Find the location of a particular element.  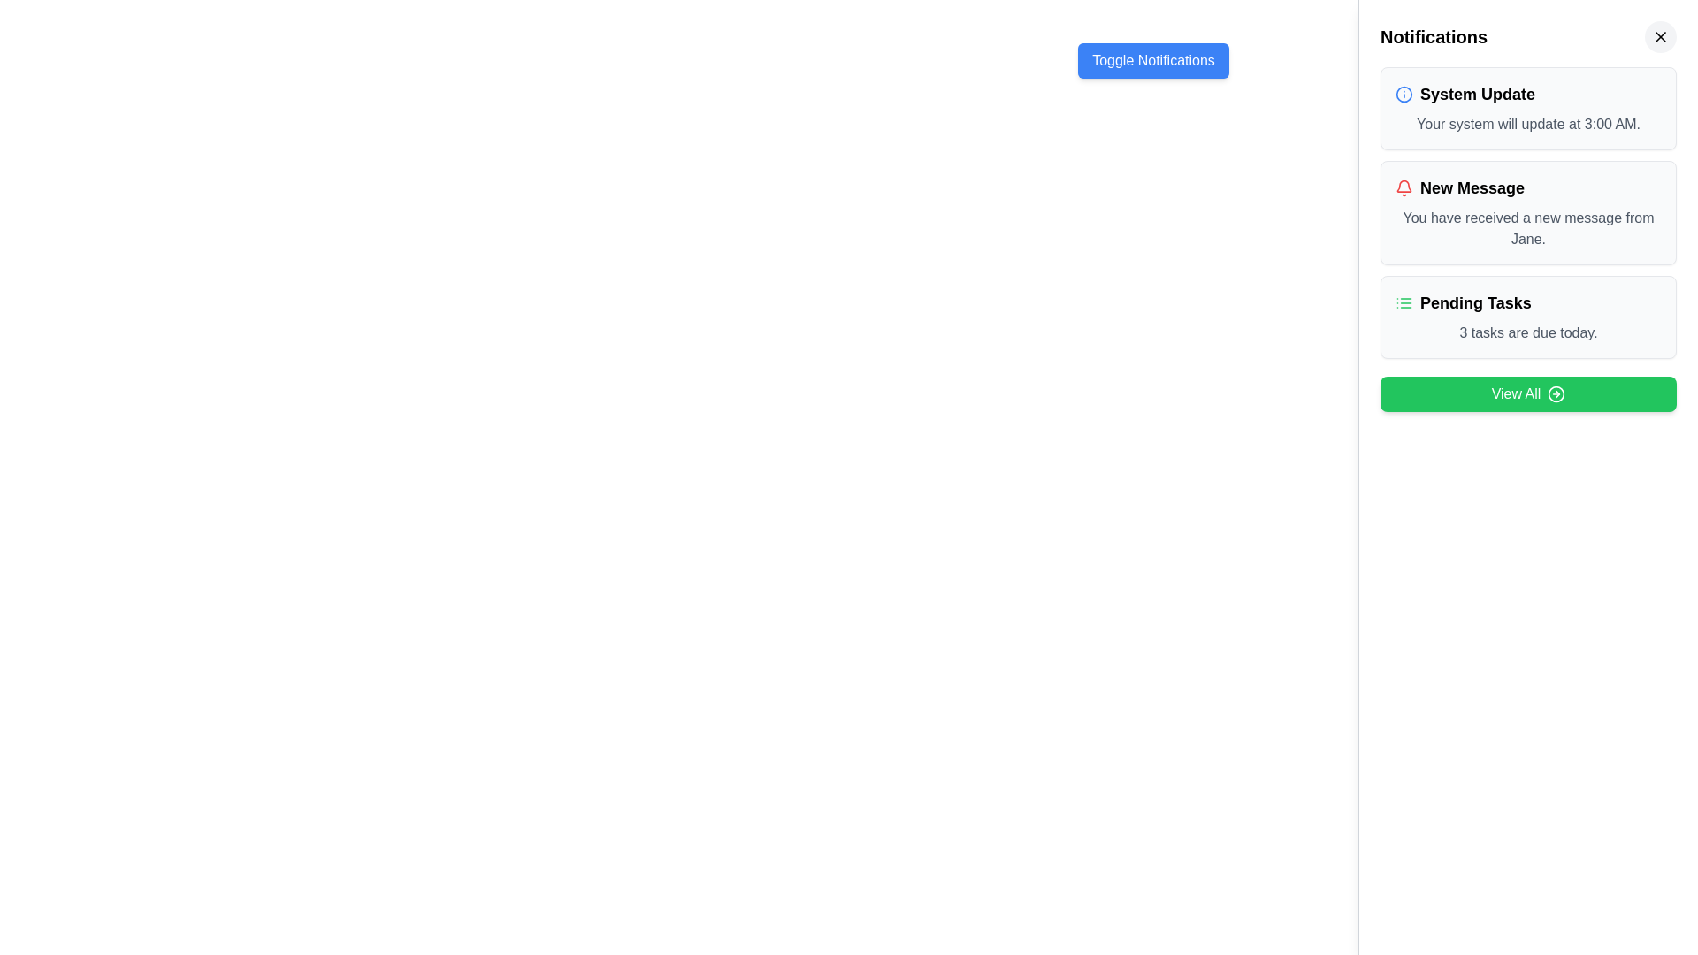

the Close button icon, which is a small black cross icon on a light gray circular background located at the top-right corner of the notification panel, to observe the hover effect is located at coordinates (1659, 37).